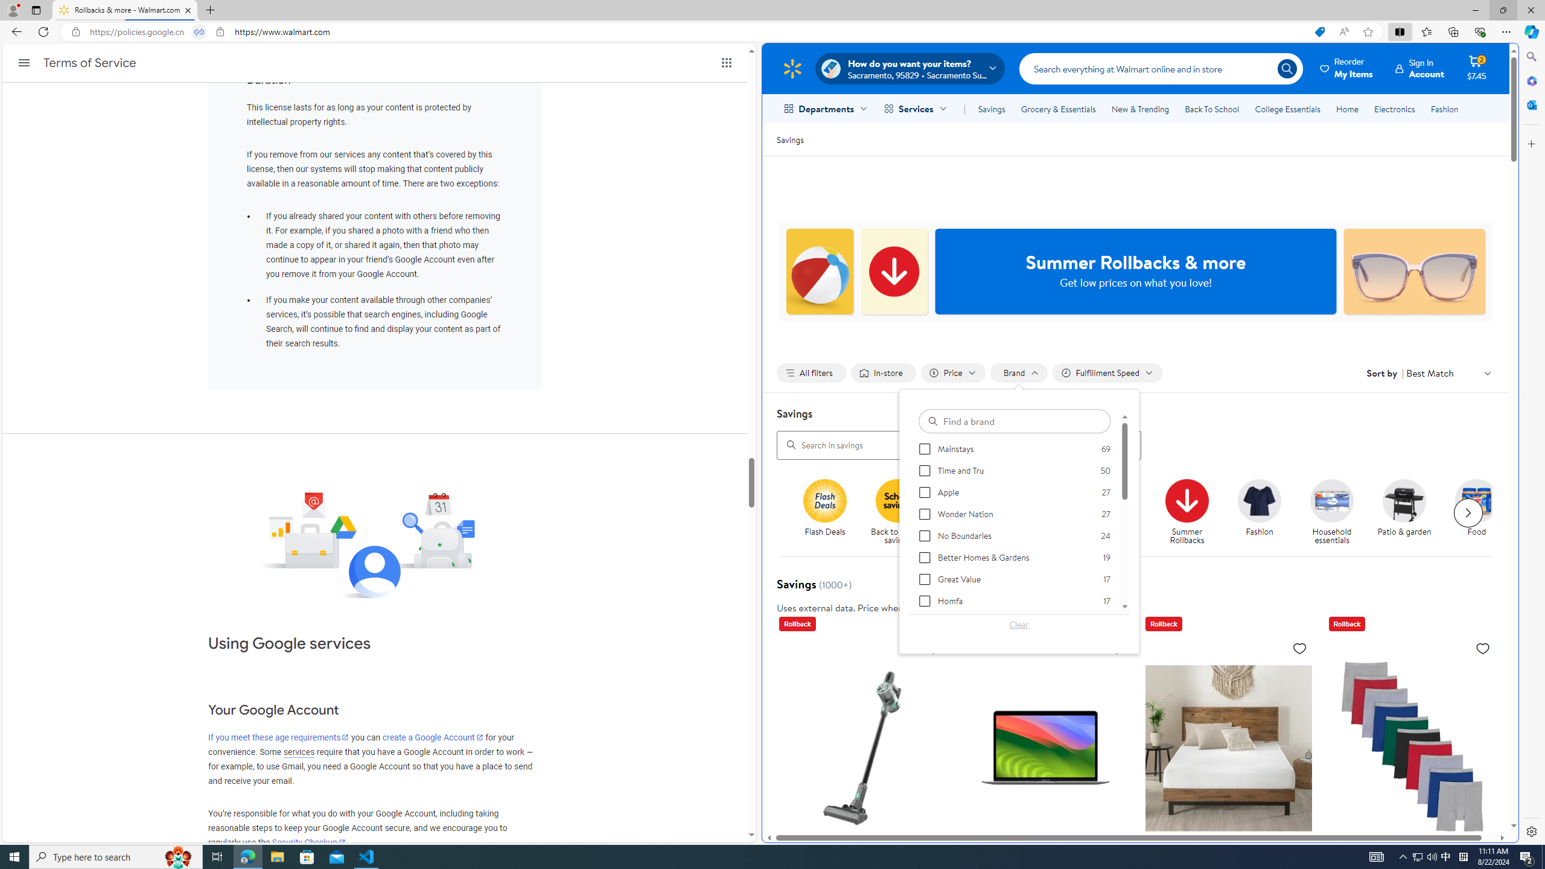  I want to click on 'Patio & garden', so click(1404, 500).